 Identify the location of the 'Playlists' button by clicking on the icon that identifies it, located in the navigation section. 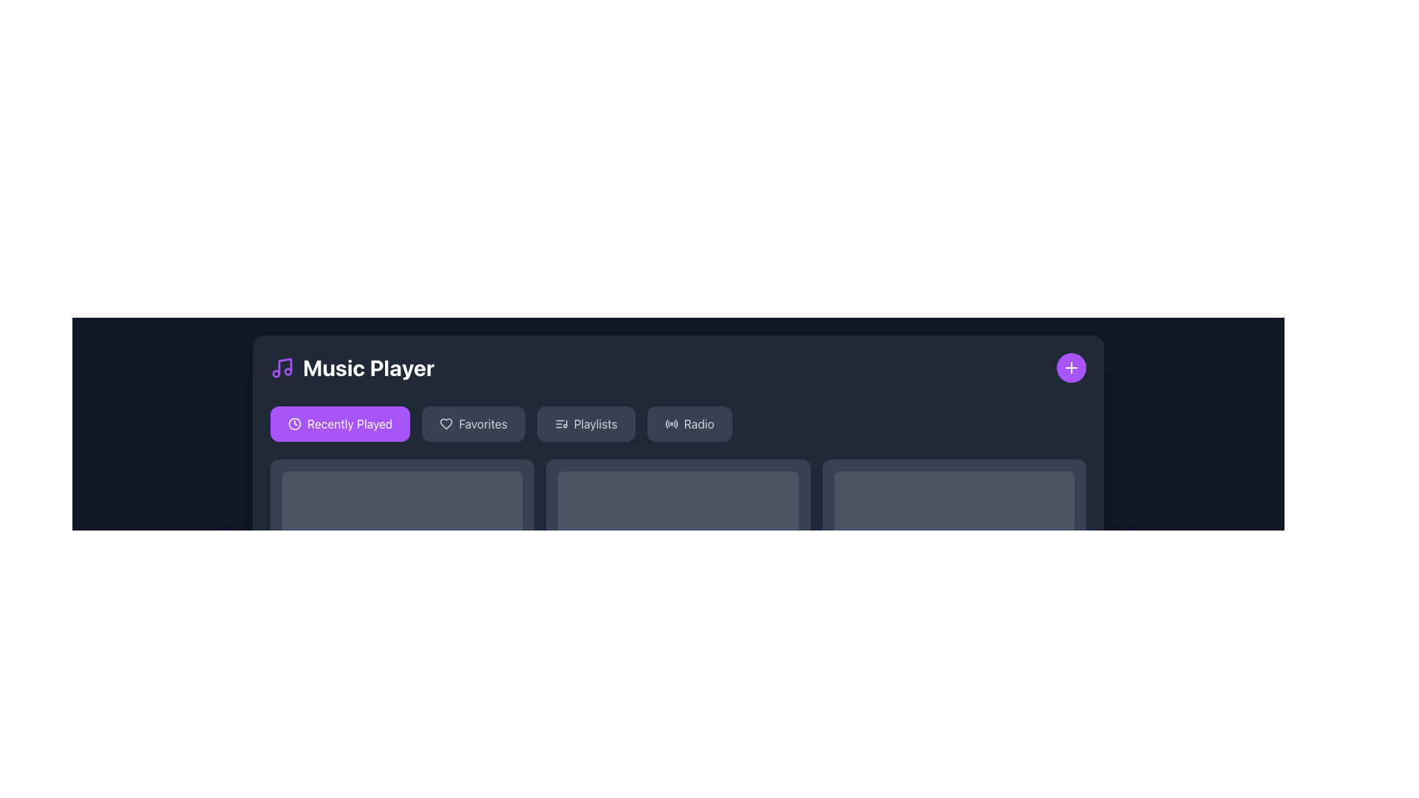
(560, 424).